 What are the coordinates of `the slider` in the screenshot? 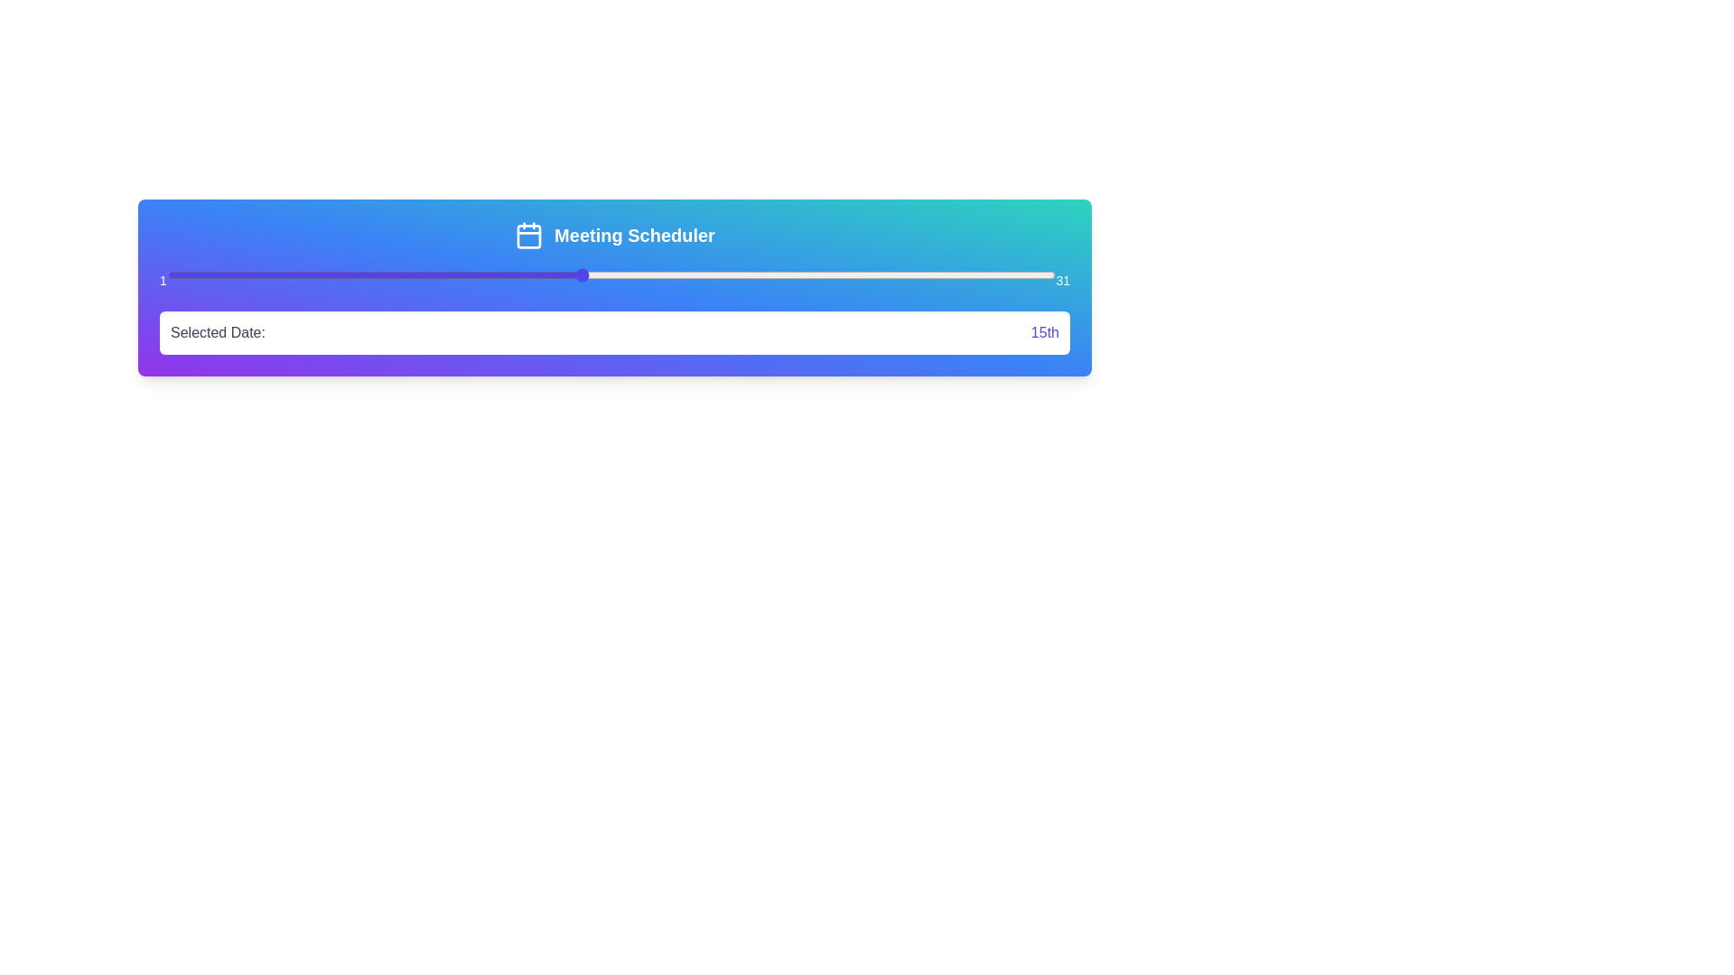 It's located at (995, 274).